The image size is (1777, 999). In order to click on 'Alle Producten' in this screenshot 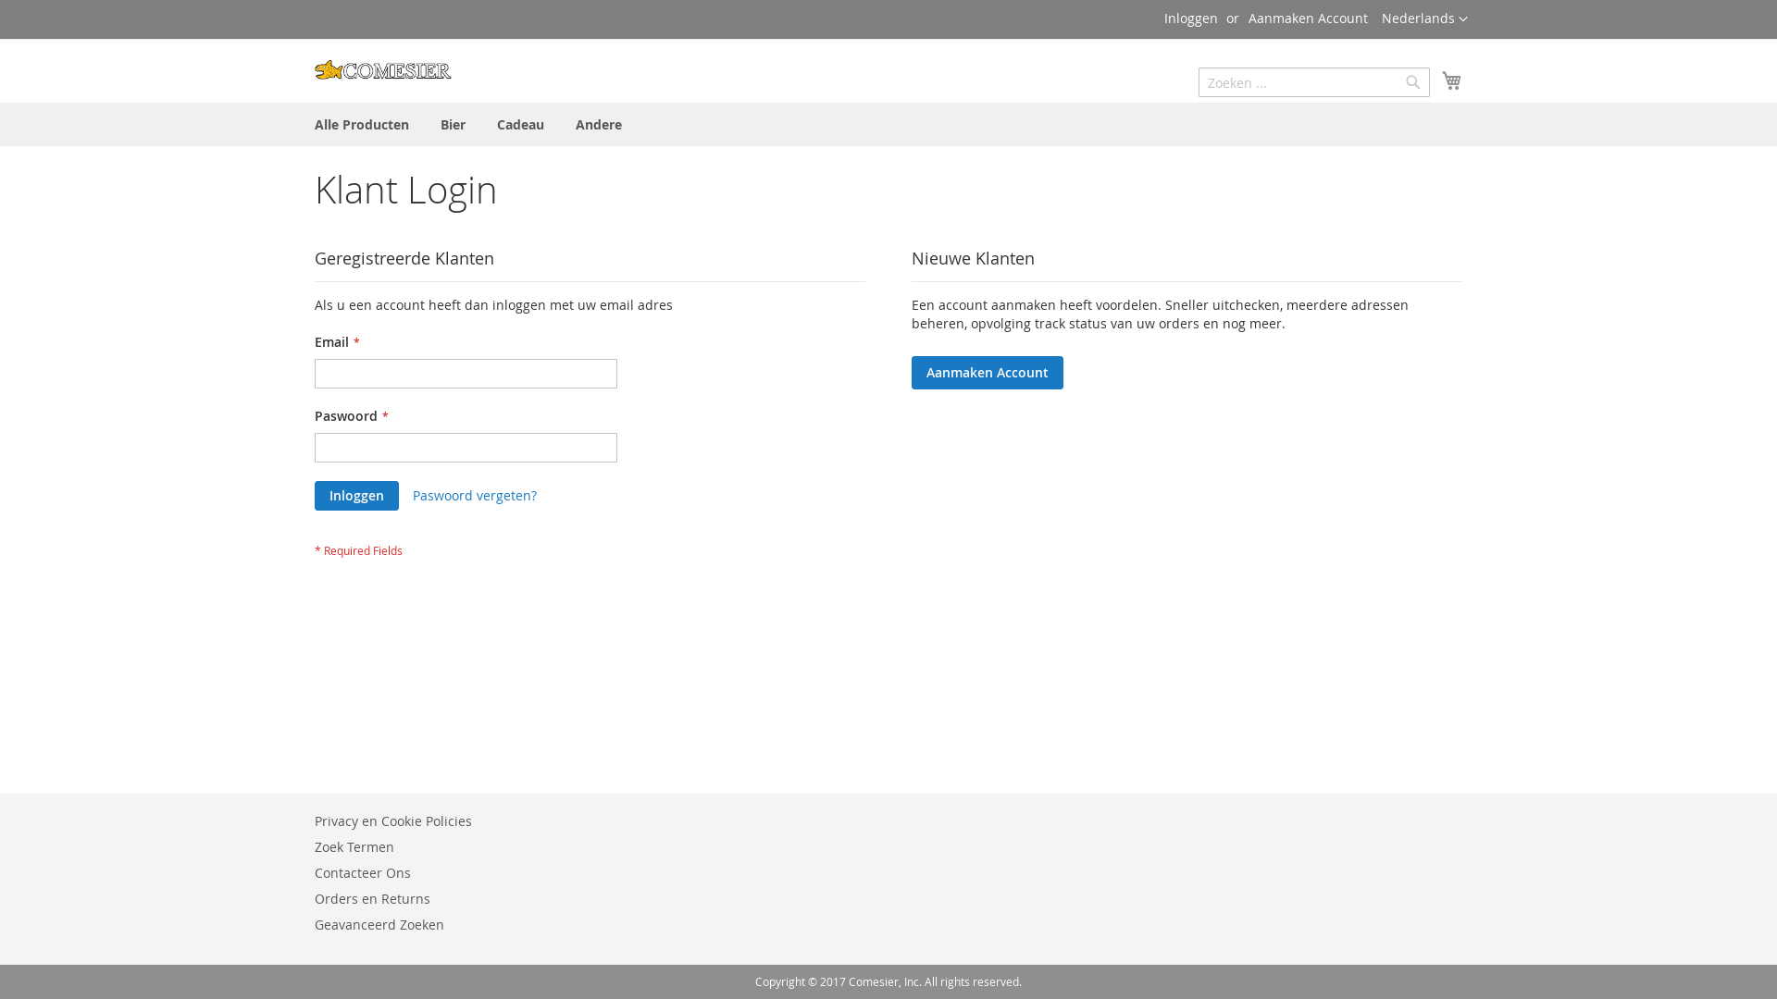, I will do `click(303, 124)`.